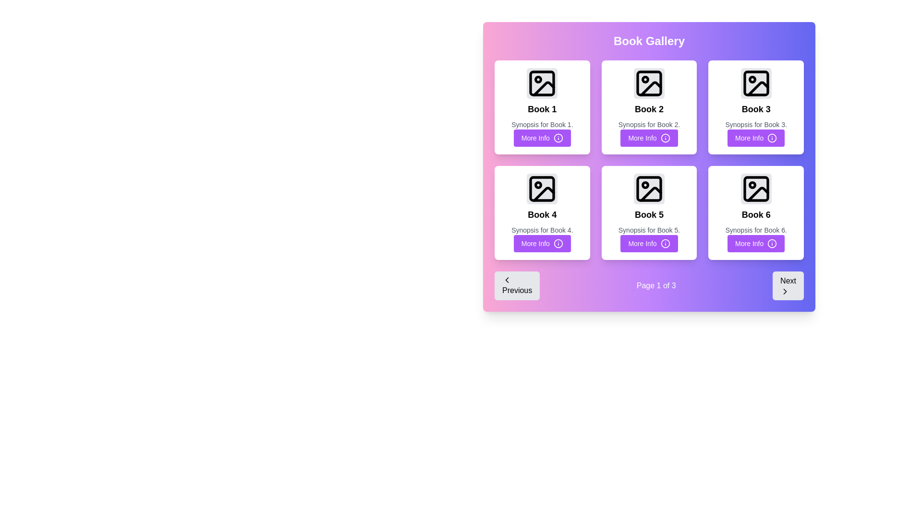  What do you see at coordinates (645, 185) in the screenshot?
I see `the small white circle with a black border located in the top-left corner of the image icon for 'Book 5' in the book gallery interface` at bounding box center [645, 185].